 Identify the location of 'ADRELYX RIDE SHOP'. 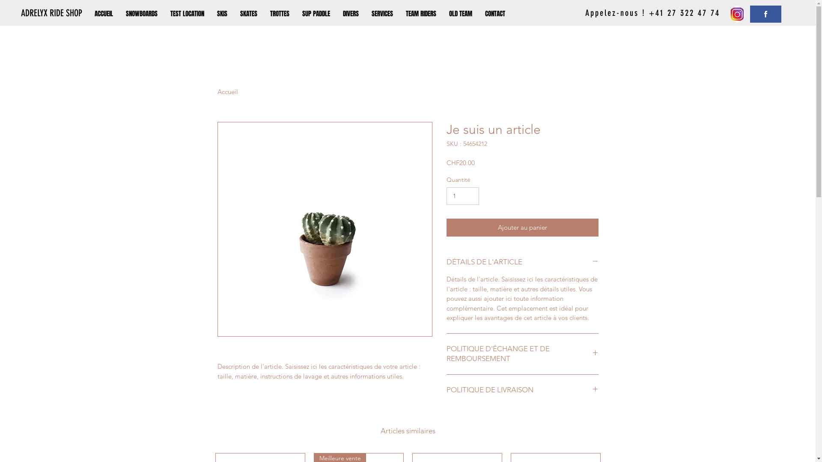
(51, 13).